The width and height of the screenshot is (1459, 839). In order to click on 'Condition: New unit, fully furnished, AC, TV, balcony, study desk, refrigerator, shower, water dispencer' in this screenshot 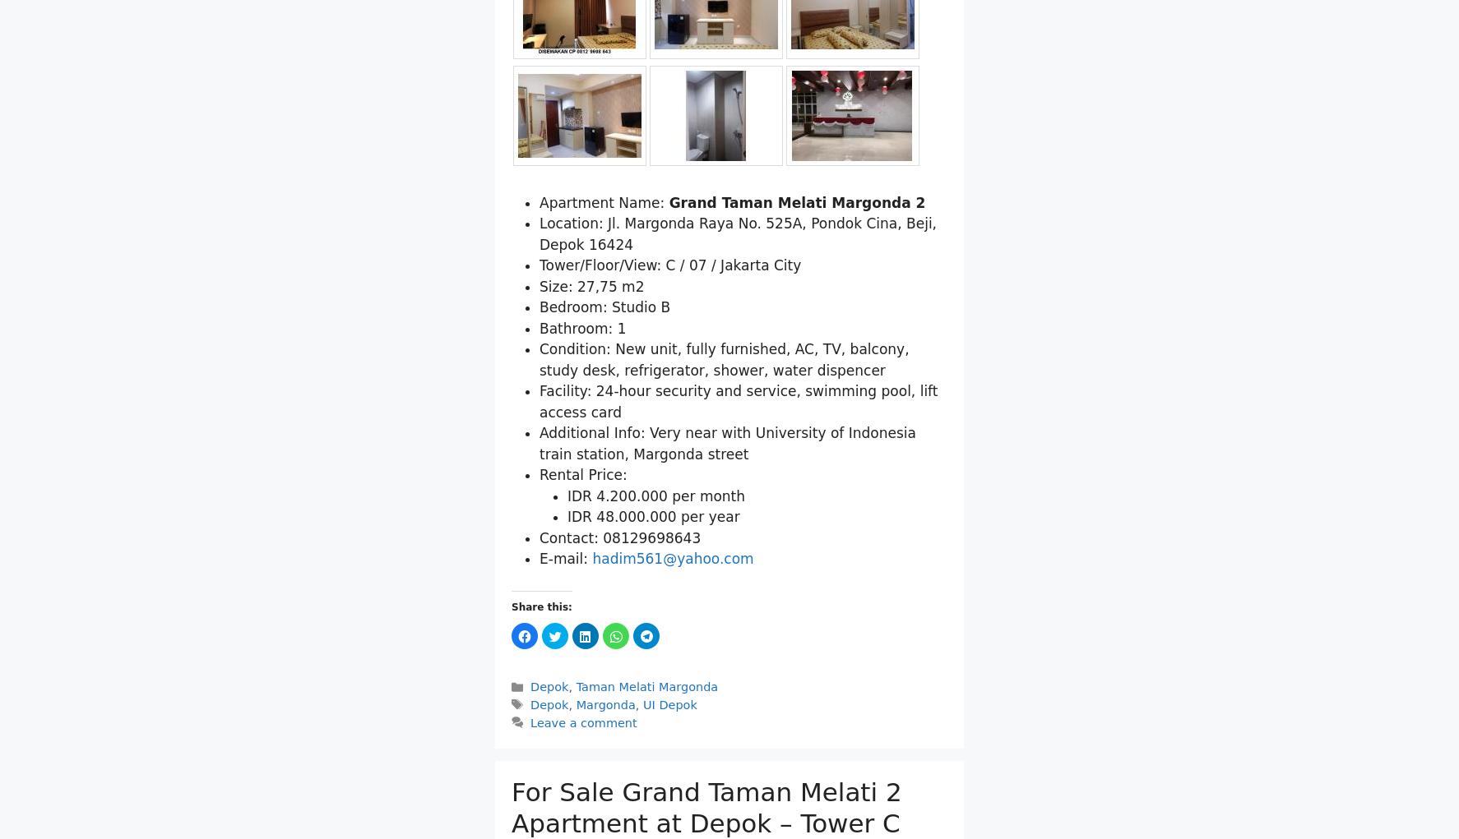, I will do `click(724, 359)`.